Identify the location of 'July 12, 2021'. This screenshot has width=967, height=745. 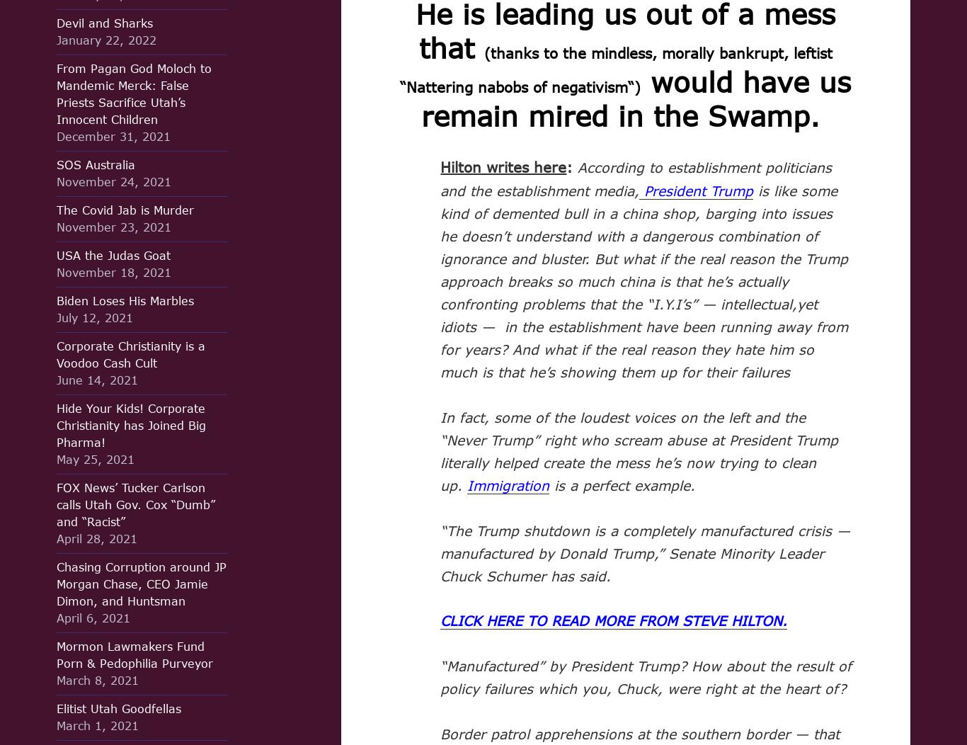
(94, 317).